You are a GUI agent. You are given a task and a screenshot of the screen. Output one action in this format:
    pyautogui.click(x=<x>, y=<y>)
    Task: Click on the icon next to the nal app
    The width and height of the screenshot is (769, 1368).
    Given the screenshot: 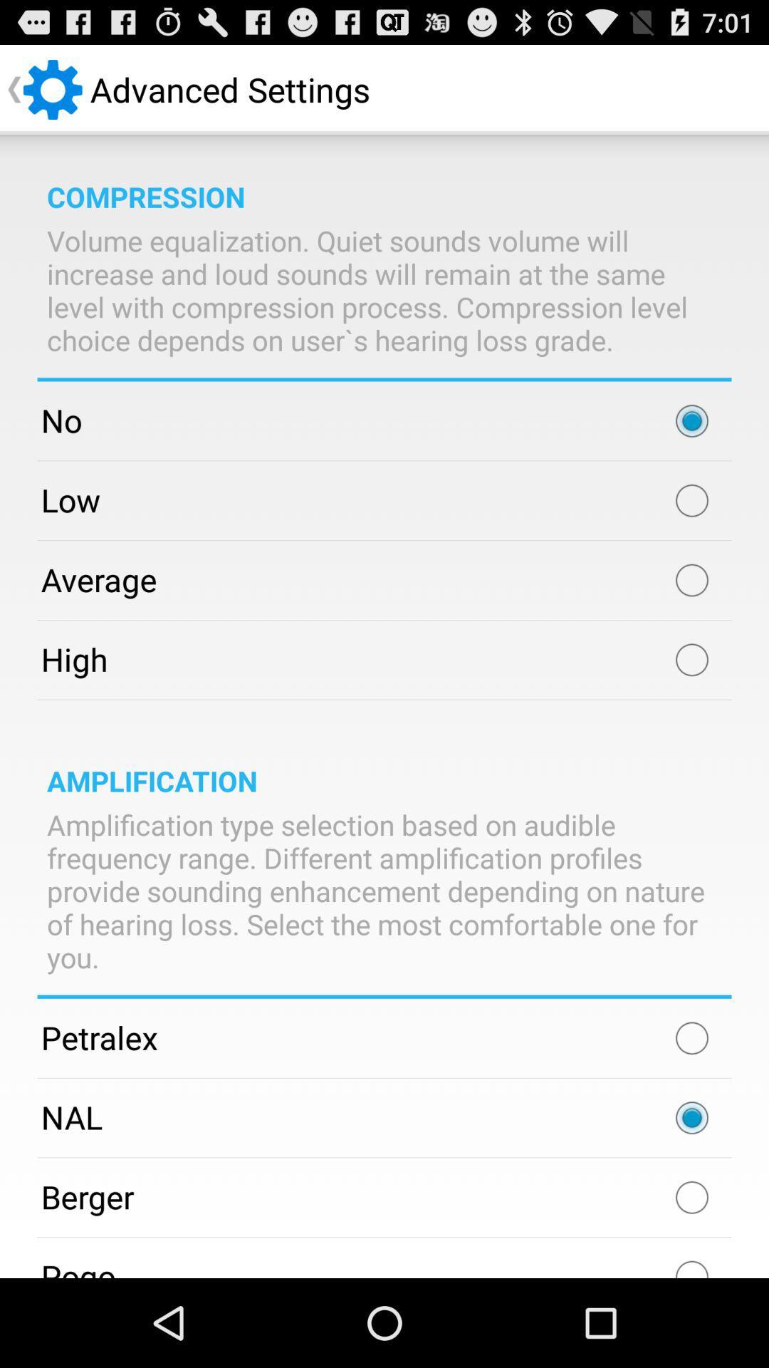 What is the action you would take?
    pyautogui.click(x=691, y=1117)
    